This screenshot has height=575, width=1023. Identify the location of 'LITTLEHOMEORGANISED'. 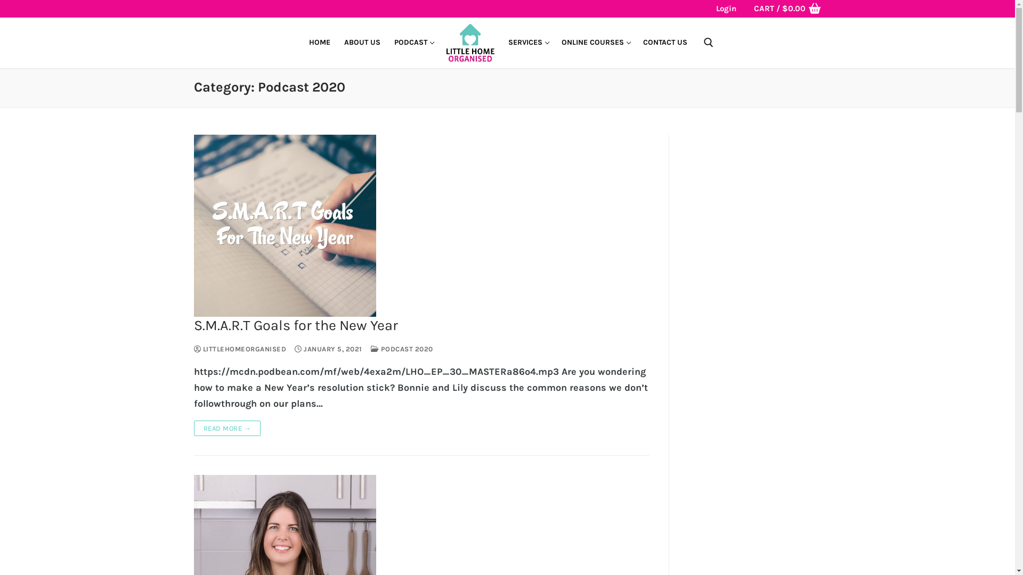
(240, 349).